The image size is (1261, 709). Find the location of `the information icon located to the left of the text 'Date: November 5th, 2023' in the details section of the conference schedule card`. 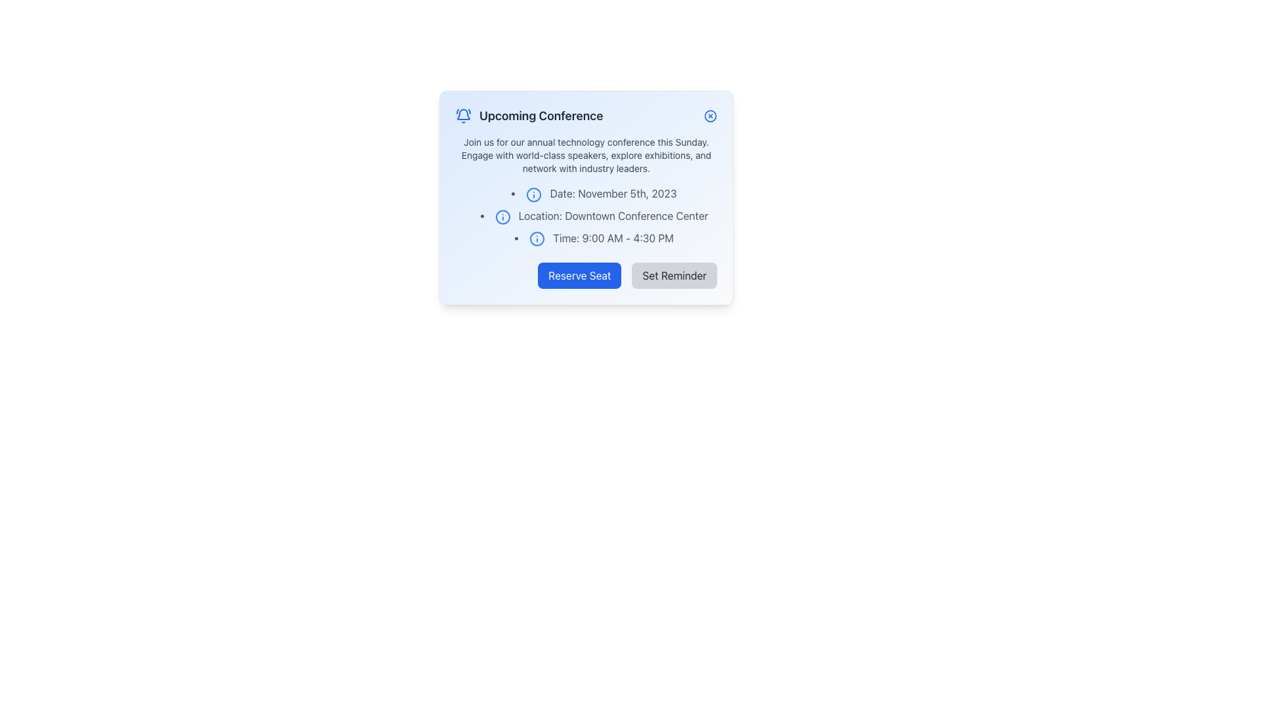

the information icon located to the left of the text 'Date: November 5th, 2023' in the details section of the conference schedule card is located at coordinates (534, 194).